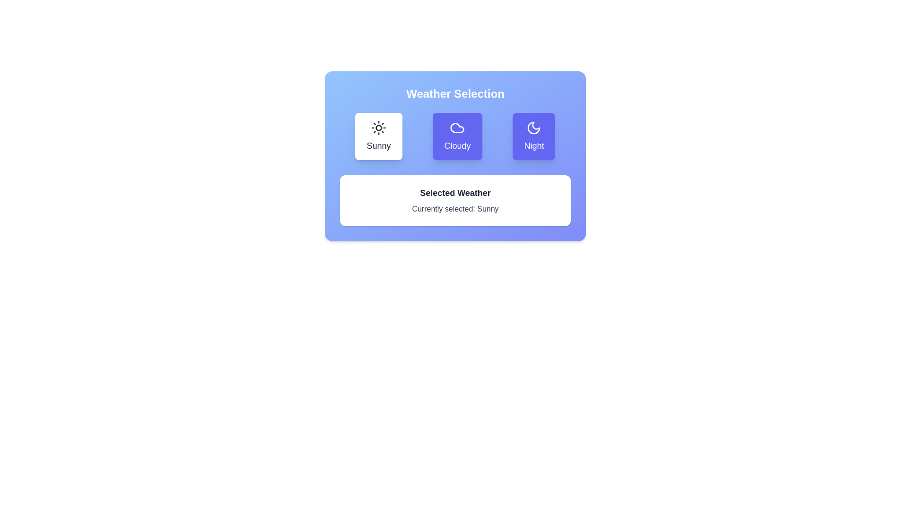 Image resolution: width=908 pixels, height=510 pixels. What do you see at coordinates (379, 127) in the screenshot?
I see `the sunny weather icon, which is a graphic representation of the sun located within the white-bordered 'Sunny' box, positioned at the center of the box above the label text` at bounding box center [379, 127].